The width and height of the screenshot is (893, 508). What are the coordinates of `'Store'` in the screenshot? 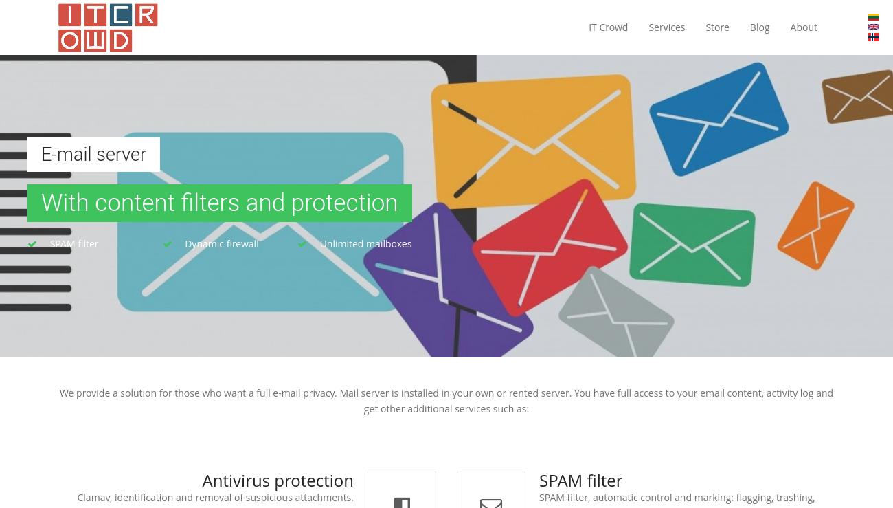 It's located at (717, 27).